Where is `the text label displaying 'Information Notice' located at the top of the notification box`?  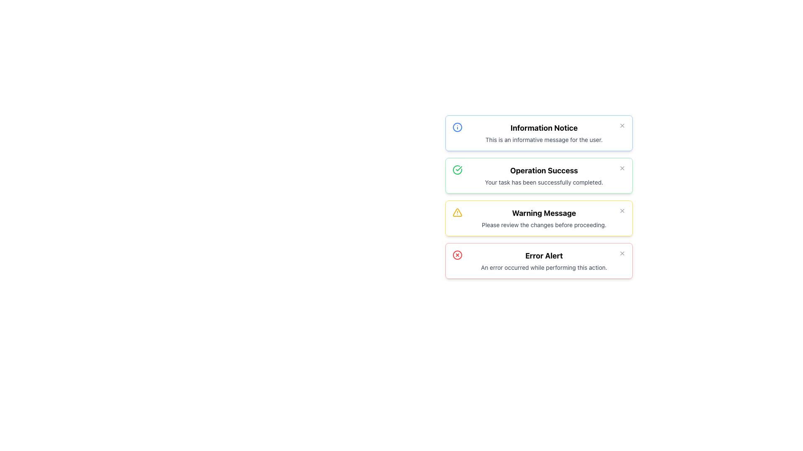
the text label displaying 'Information Notice' located at the top of the notification box is located at coordinates (544, 128).